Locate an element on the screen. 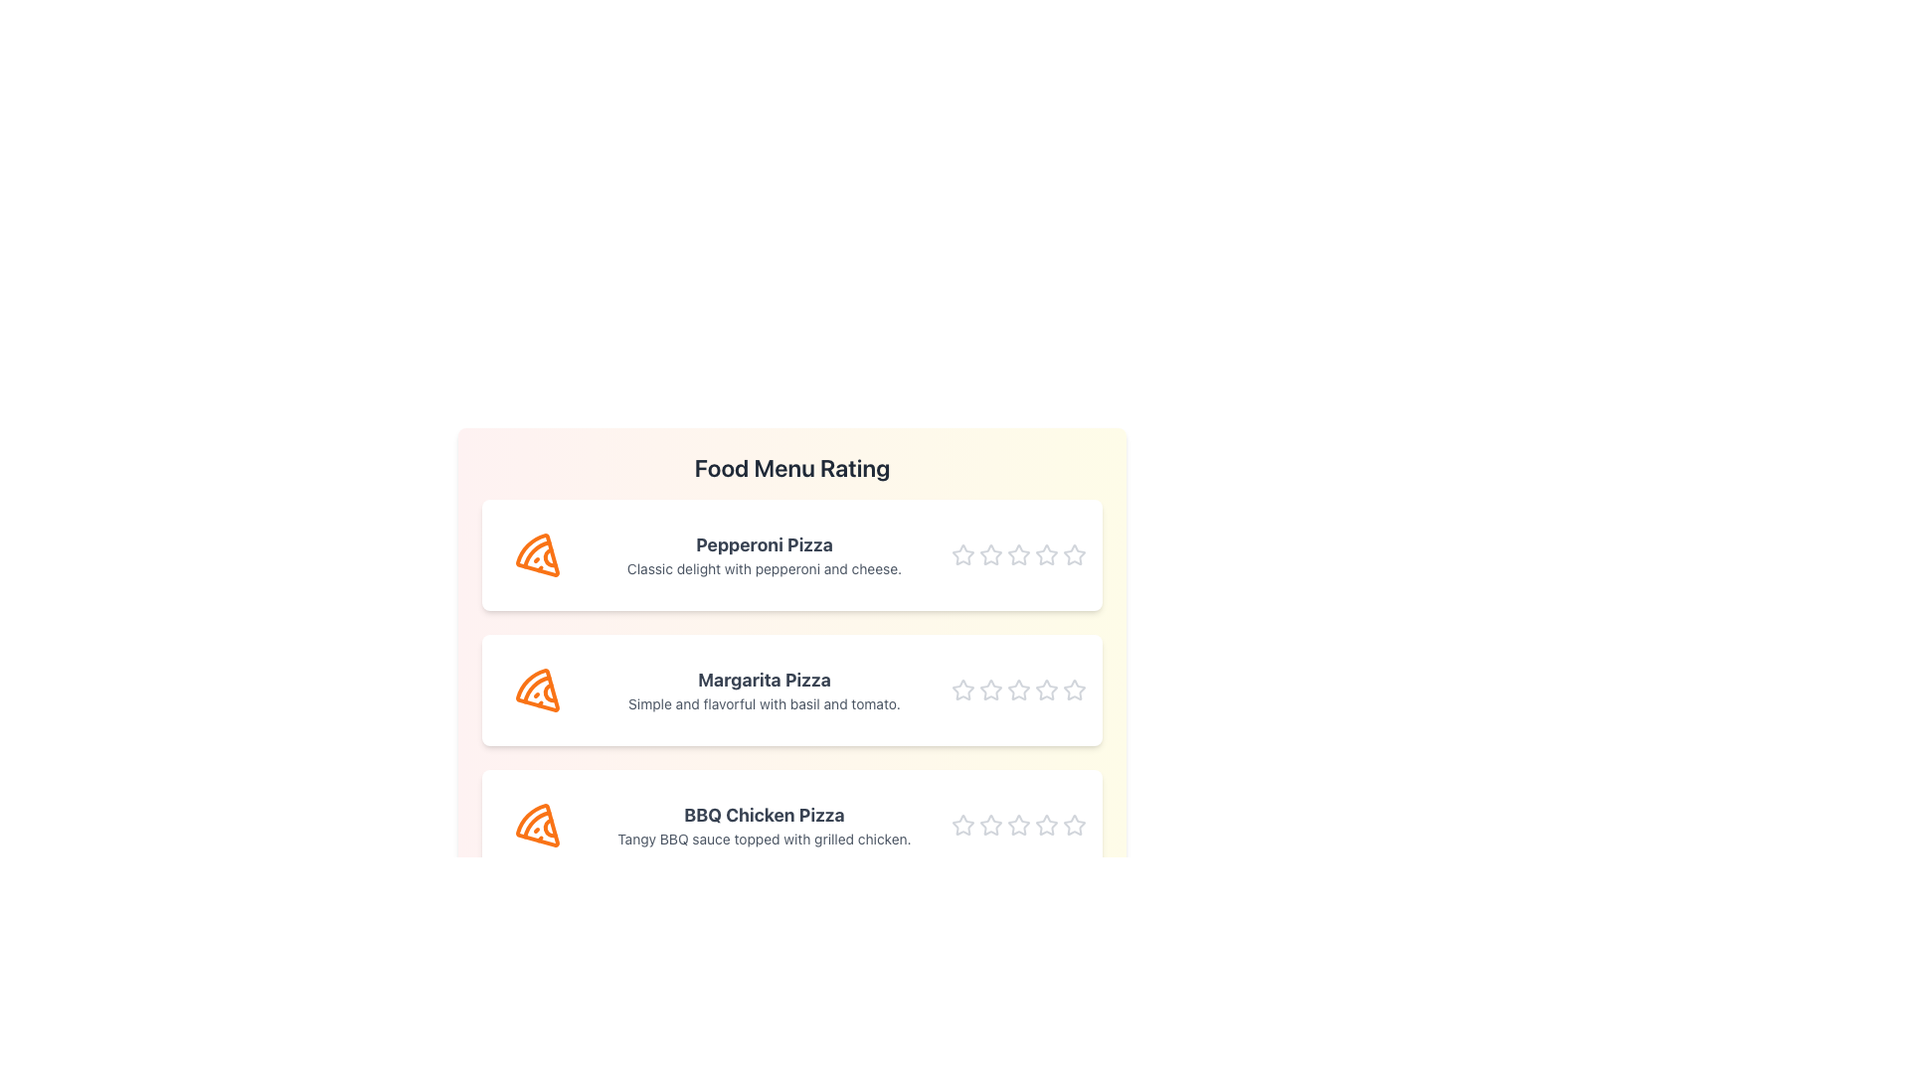 The height and width of the screenshot is (1073, 1909). the second star icon in the rating section of the BBQ Chicken Pizza to observe its scaling effect is located at coordinates (991, 825).